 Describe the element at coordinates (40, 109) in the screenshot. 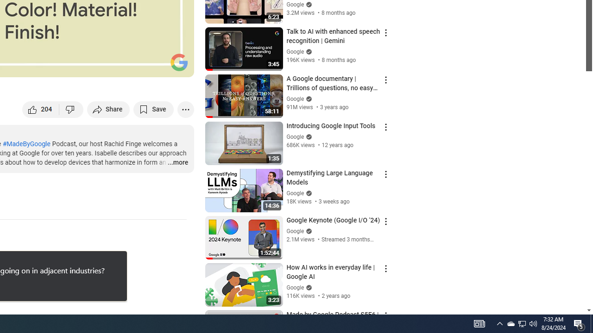

I see `'like this video along with 204 other people'` at that location.